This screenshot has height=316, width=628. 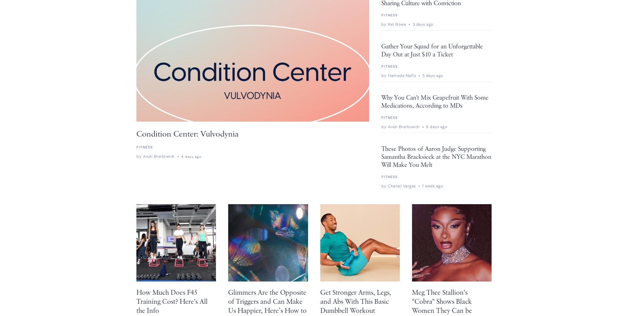 I want to click on 'Get Stronger Arms, Legs, and Abs With This Basic Dumbbell Workout', so click(x=355, y=301).